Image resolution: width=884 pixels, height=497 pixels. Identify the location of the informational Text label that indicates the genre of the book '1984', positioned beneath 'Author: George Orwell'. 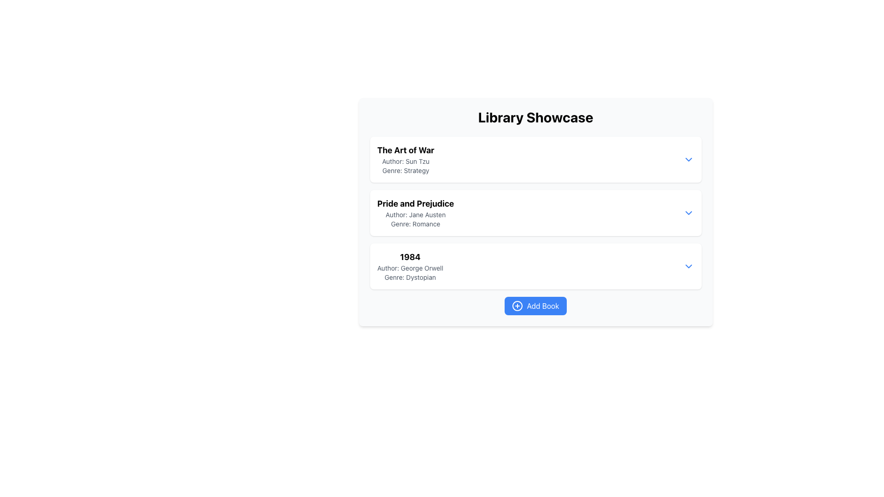
(410, 277).